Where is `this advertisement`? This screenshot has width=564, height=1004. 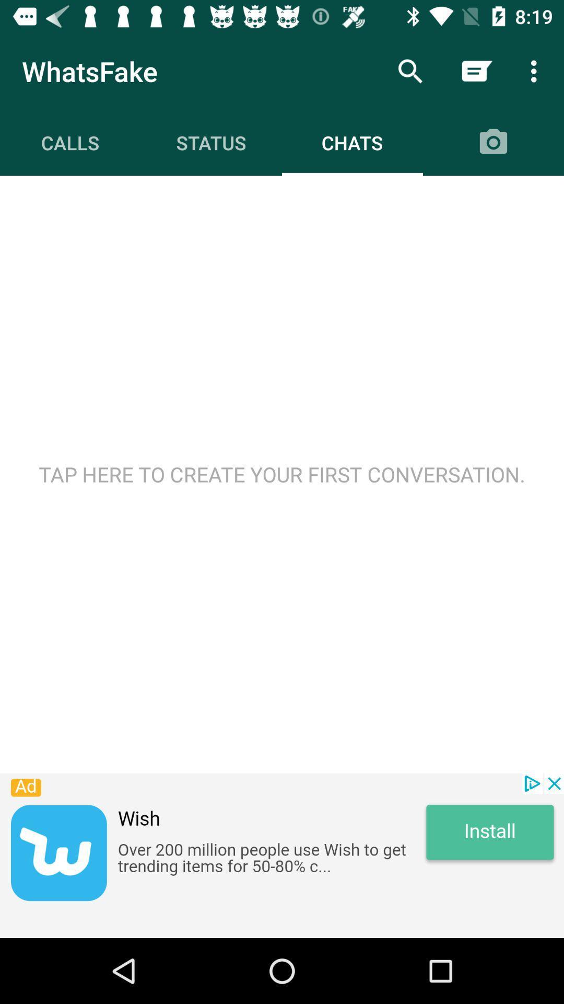 this advertisement is located at coordinates (282, 855).